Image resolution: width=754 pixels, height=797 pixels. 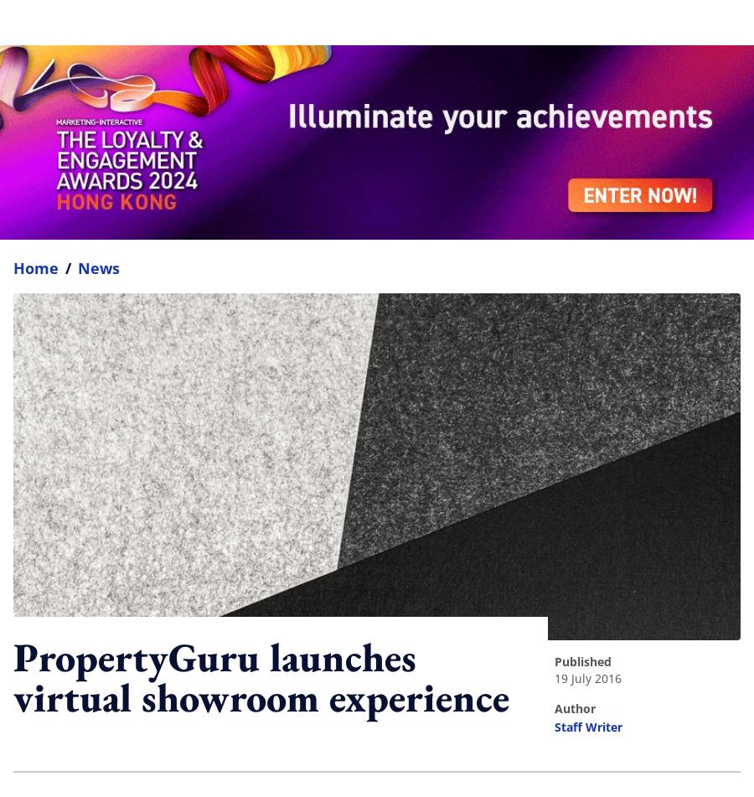 I want to click on 'We break down the big and messy topics of the day so you're updated on the most important developments in Asia's marketing development – for free.', so click(x=334, y=592).